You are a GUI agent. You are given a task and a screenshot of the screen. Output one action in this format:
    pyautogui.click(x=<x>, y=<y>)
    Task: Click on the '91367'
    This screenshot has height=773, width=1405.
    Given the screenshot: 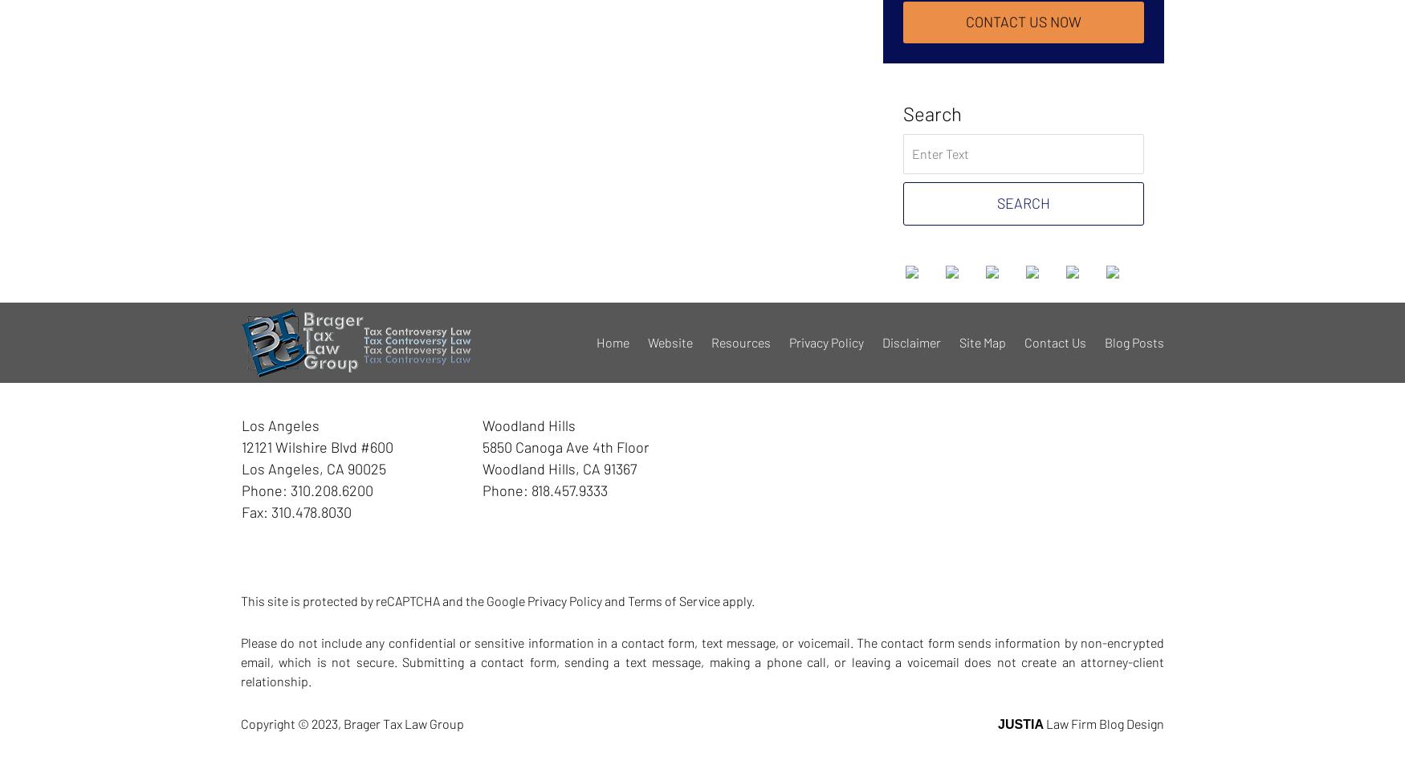 What is the action you would take?
    pyautogui.click(x=619, y=468)
    